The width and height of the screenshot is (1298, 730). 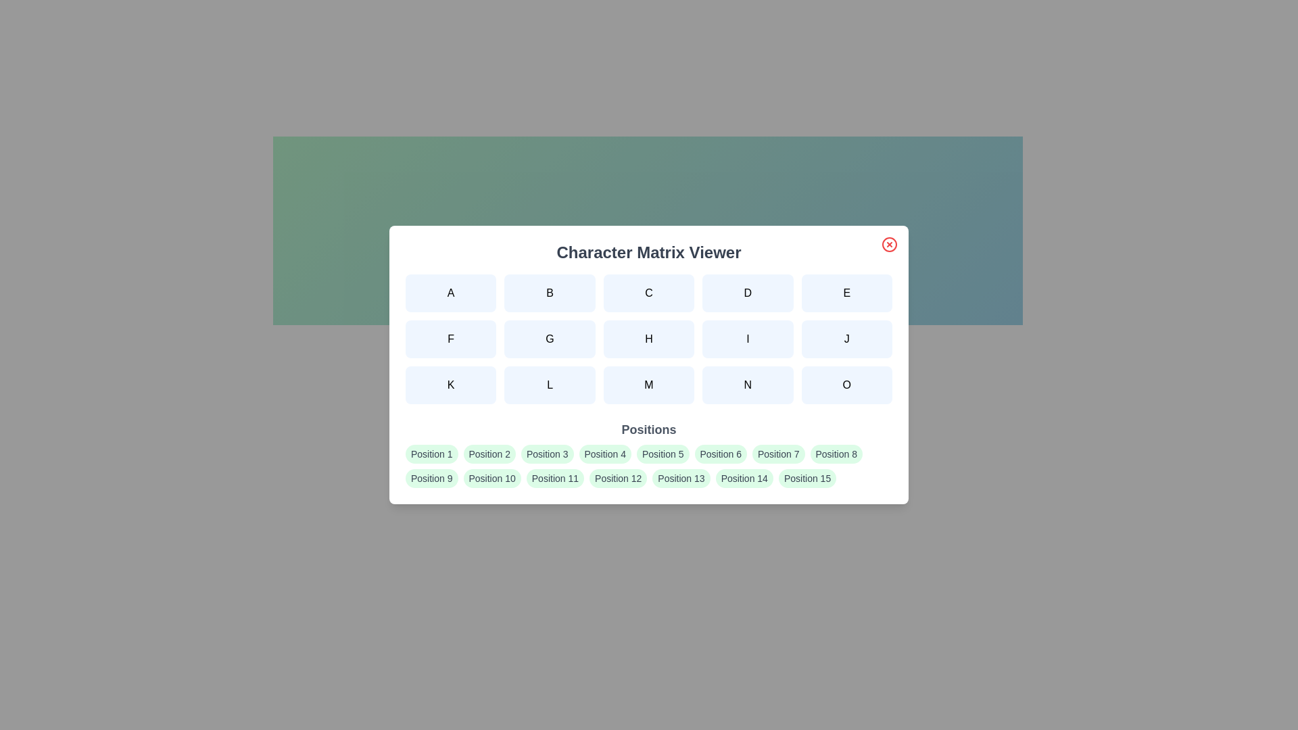 I want to click on the character button labeled G, so click(x=549, y=338).